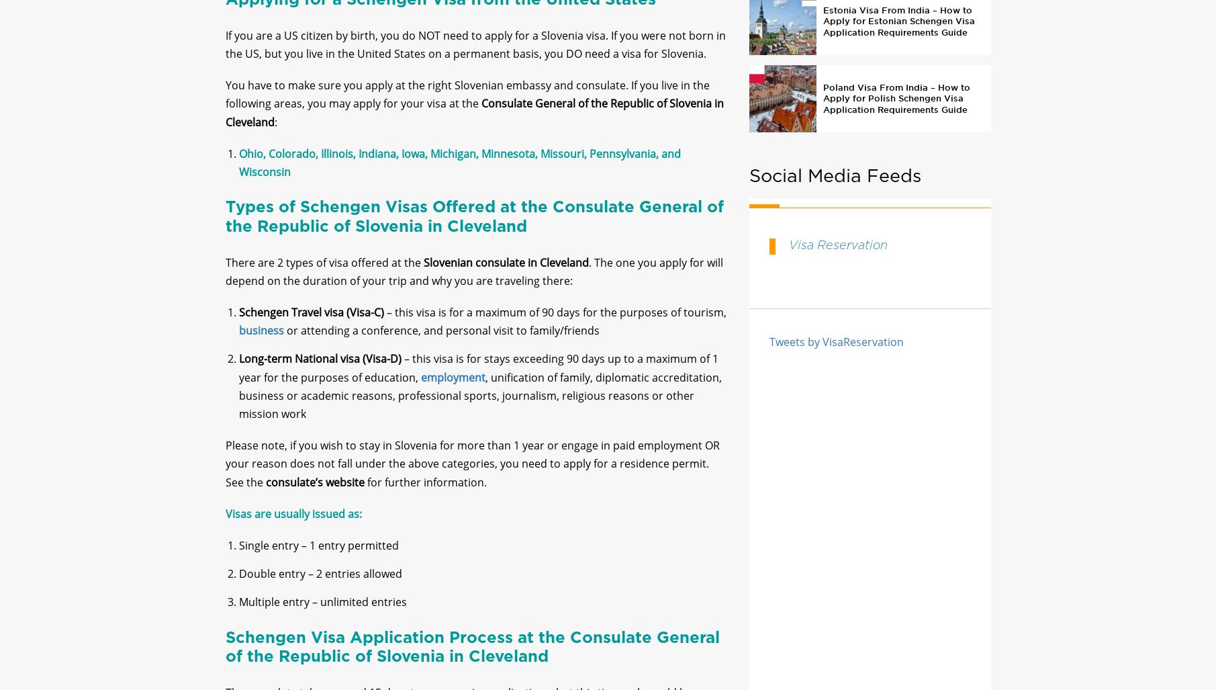  What do you see at coordinates (554, 323) in the screenshot?
I see `'– this visa is for a maximum of 90 days for the purposes of tourism,'` at bounding box center [554, 323].